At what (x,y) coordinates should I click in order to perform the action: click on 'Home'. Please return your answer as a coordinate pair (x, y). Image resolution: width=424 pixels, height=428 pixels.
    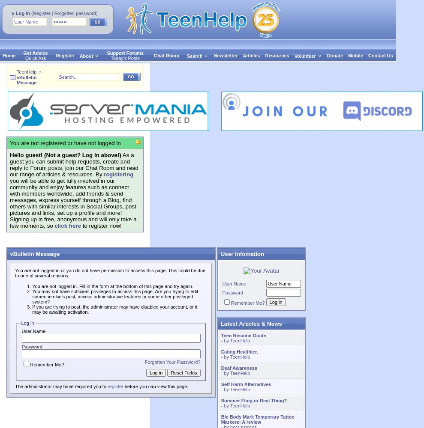
    Looking at the image, I should click on (2, 56).